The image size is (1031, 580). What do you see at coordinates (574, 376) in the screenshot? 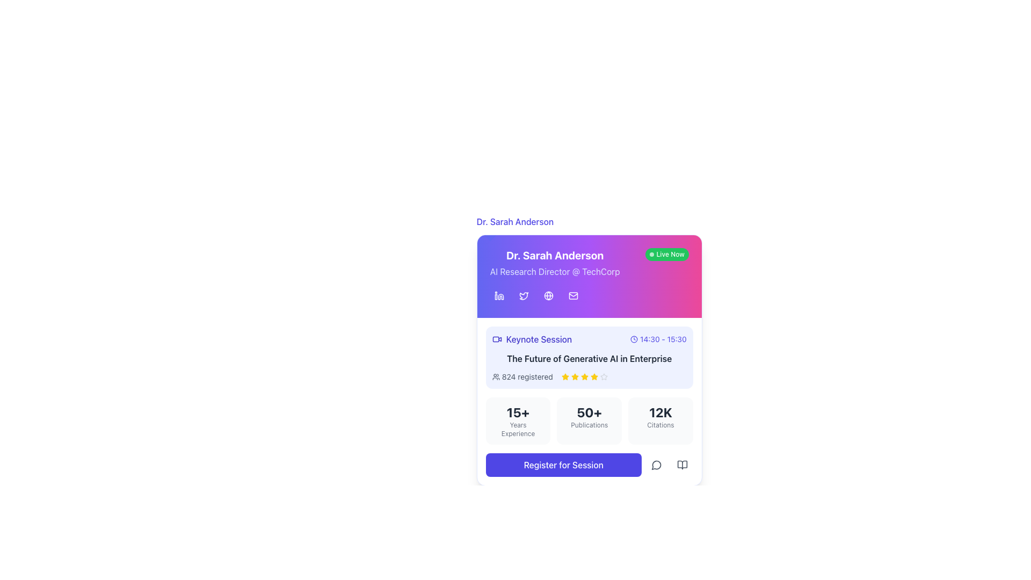
I see `graphic properties of the third star icon in the rating display, which indicates a rating value for a session` at bounding box center [574, 376].